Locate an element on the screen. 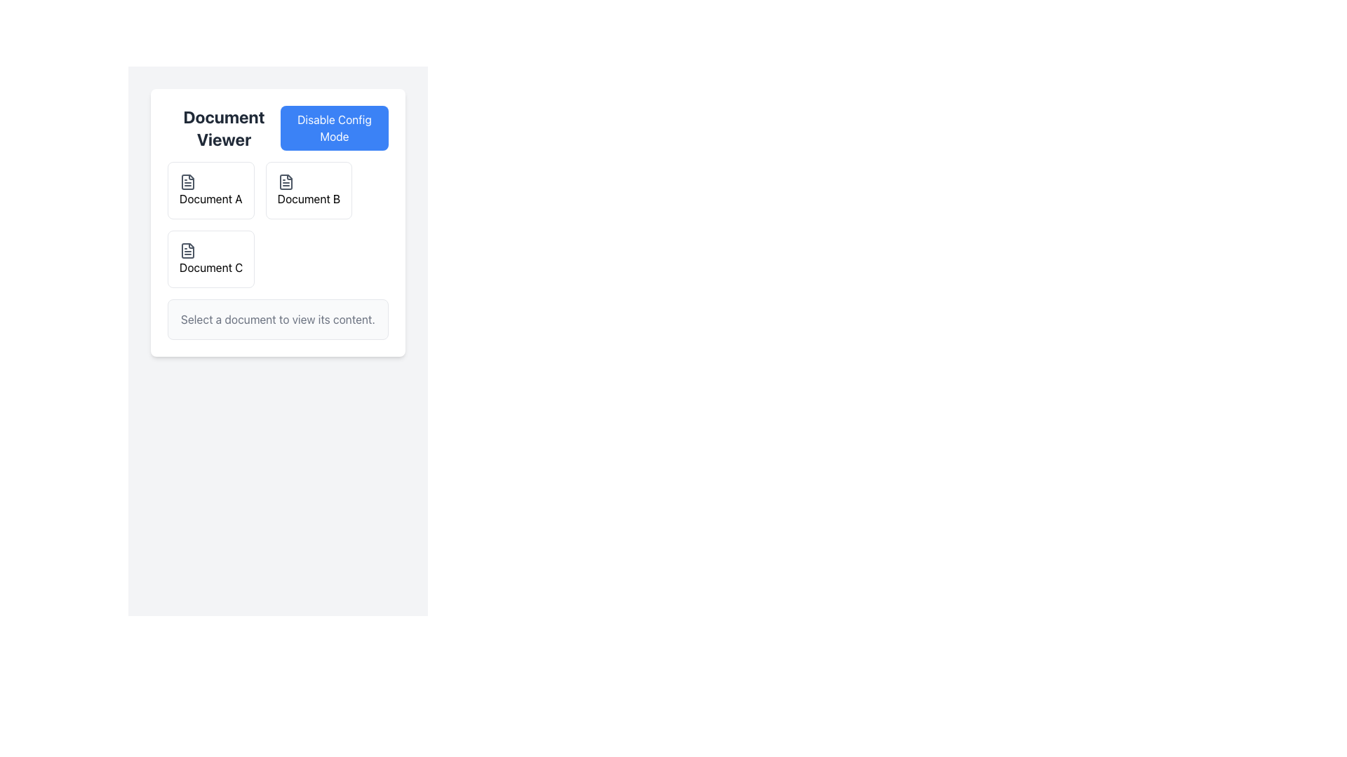  the document selector element containing 'Document B' is located at coordinates (278, 224).